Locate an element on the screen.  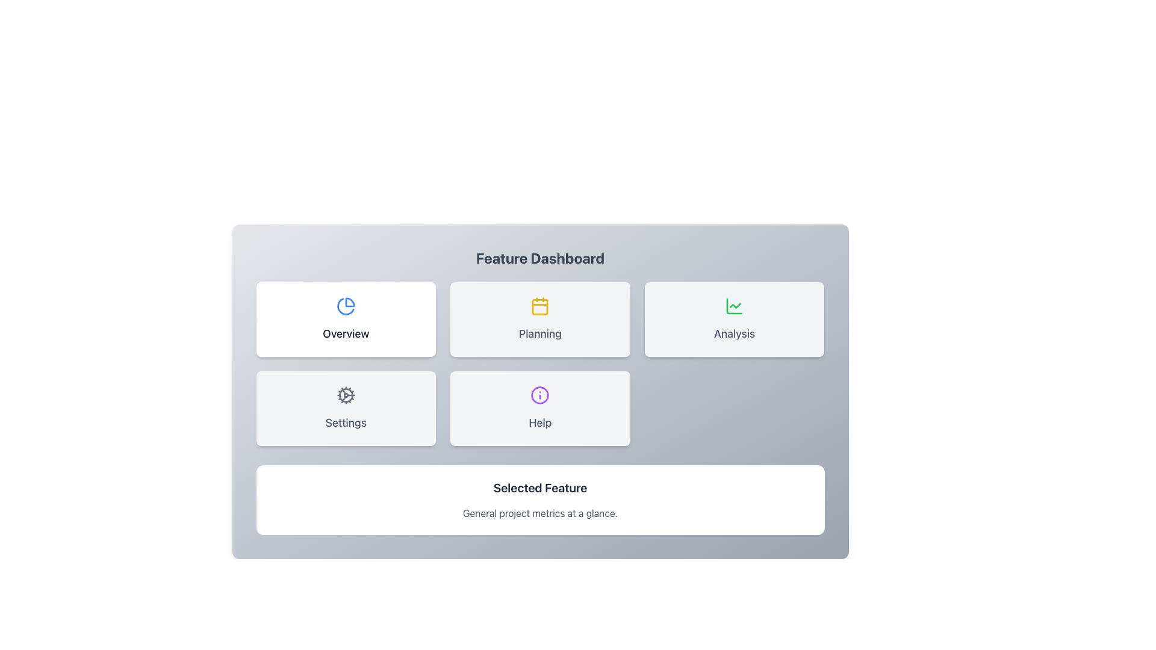
the cogwheel icon in the 'Settings' tile, which is a gray icon with eight teeth and a central circle is located at coordinates (345, 395).